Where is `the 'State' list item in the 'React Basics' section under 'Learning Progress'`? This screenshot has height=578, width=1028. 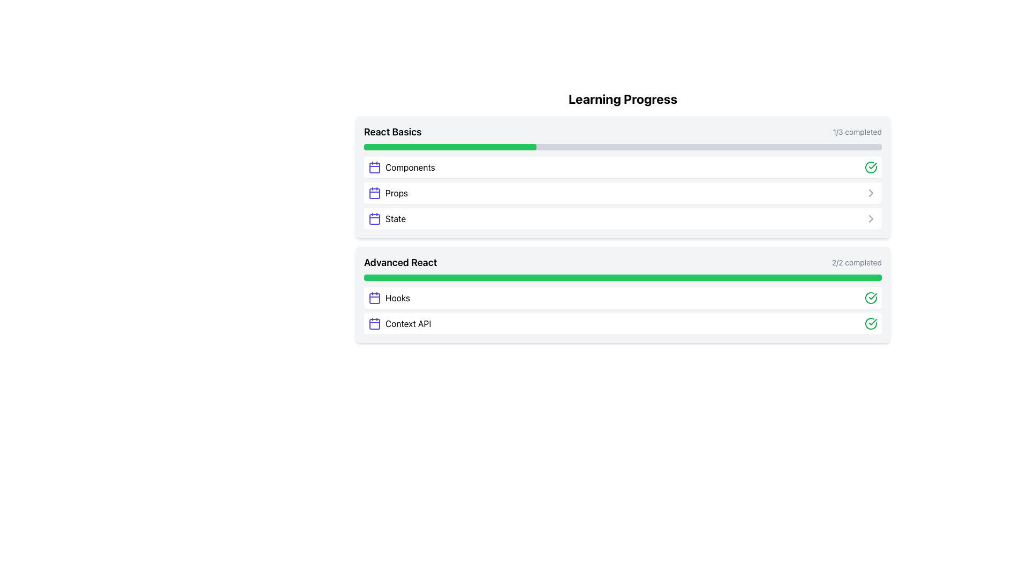 the 'State' list item in the 'React Basics' section under 'Learning Progress' is located at coordinates (623, 218).